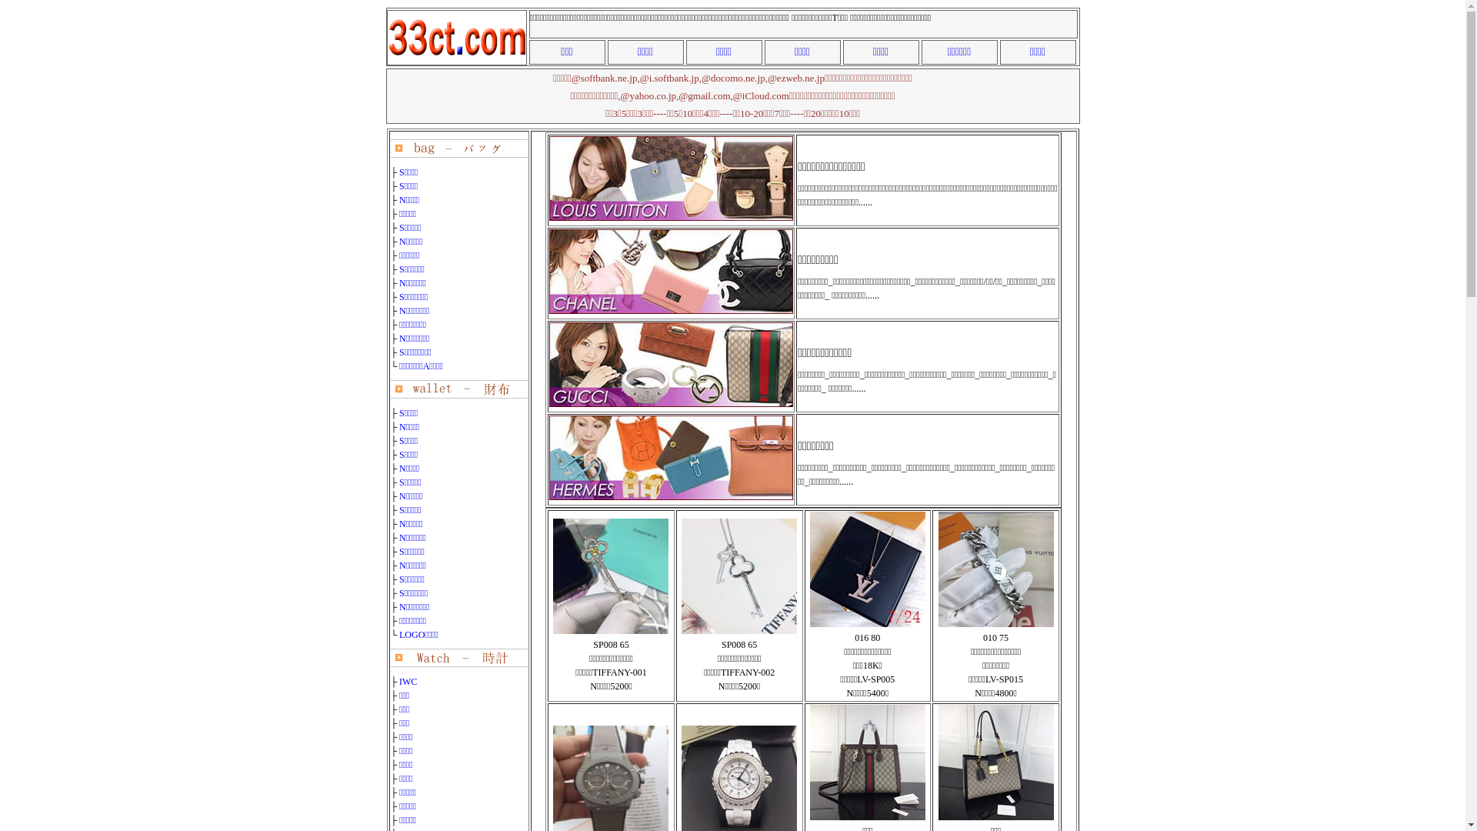 The width and height of the screenshot is (1477, 831). I want to click on 'IWC', so click(398, 681).